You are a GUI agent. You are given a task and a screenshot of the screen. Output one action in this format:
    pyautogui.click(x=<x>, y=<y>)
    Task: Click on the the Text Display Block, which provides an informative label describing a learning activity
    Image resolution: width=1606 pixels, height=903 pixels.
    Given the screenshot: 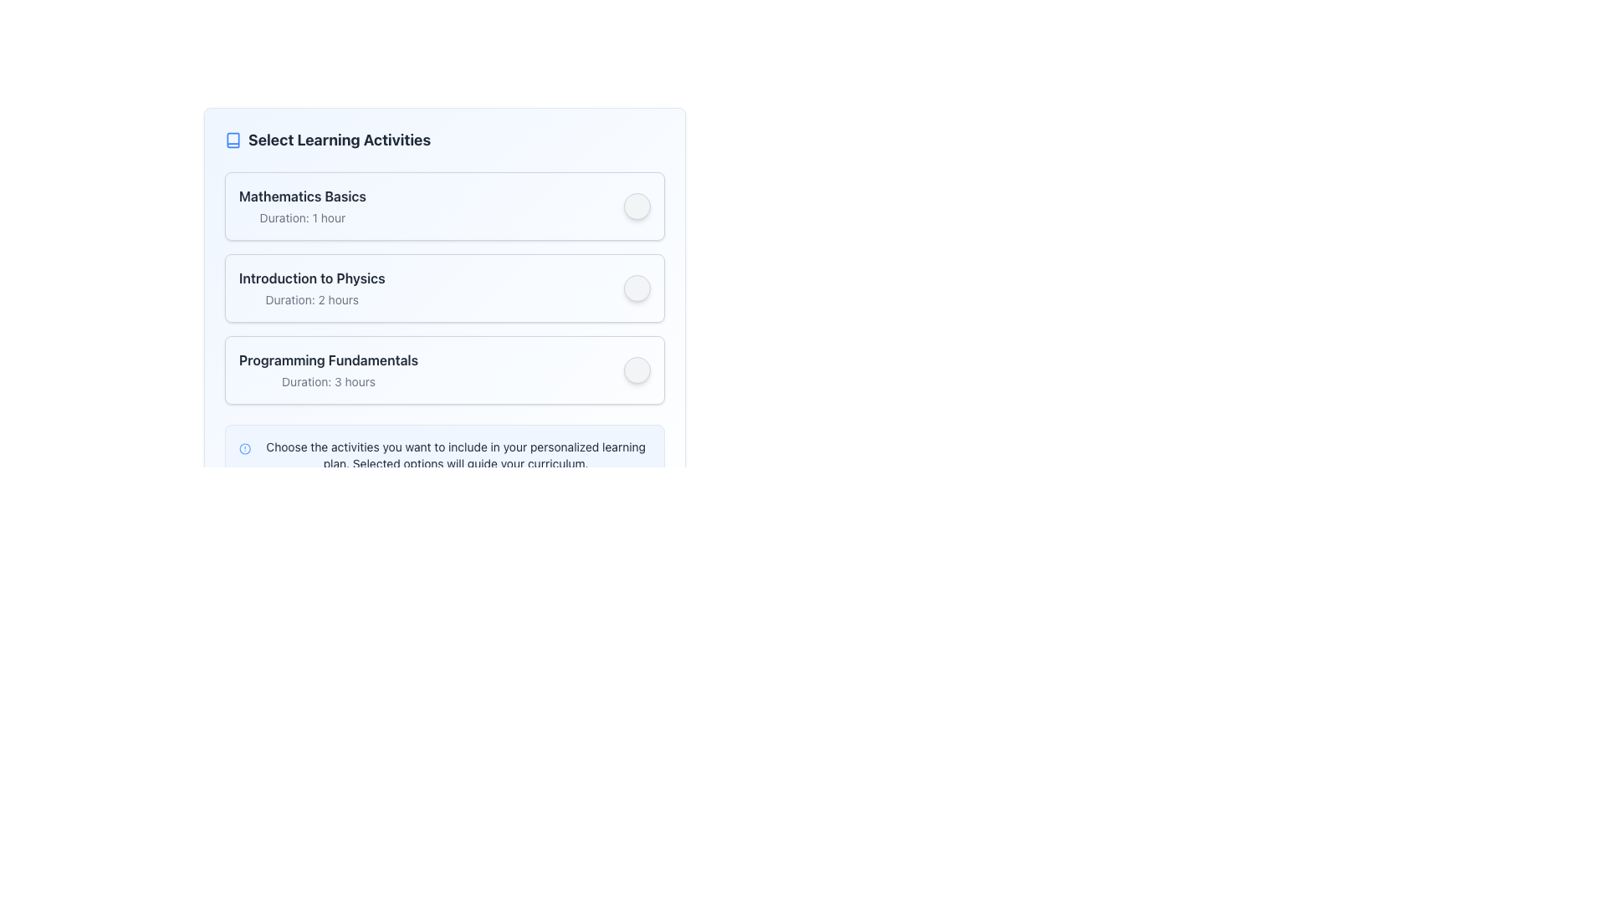 What is the action you would take?
    pyautogui.click(x=329, y=370)
    